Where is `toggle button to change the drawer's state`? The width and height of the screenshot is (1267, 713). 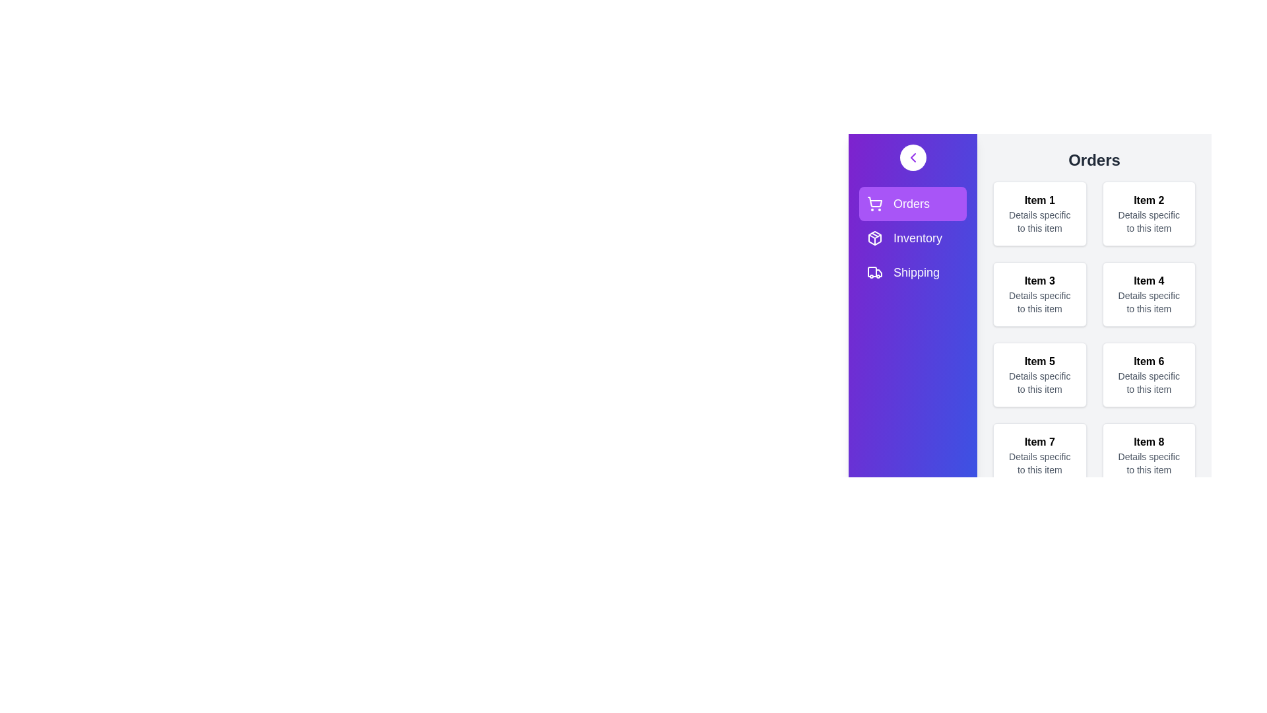 toggle button to change the drawer's state is located at coordinates (912, 157).